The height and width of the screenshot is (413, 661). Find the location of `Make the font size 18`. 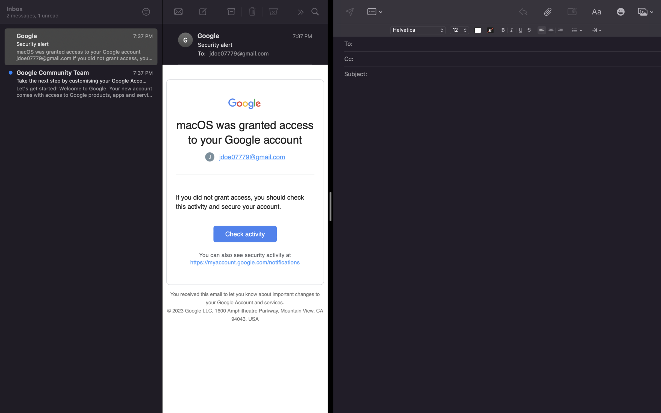

Make the font size 18 is located at coordinates (459, 30).